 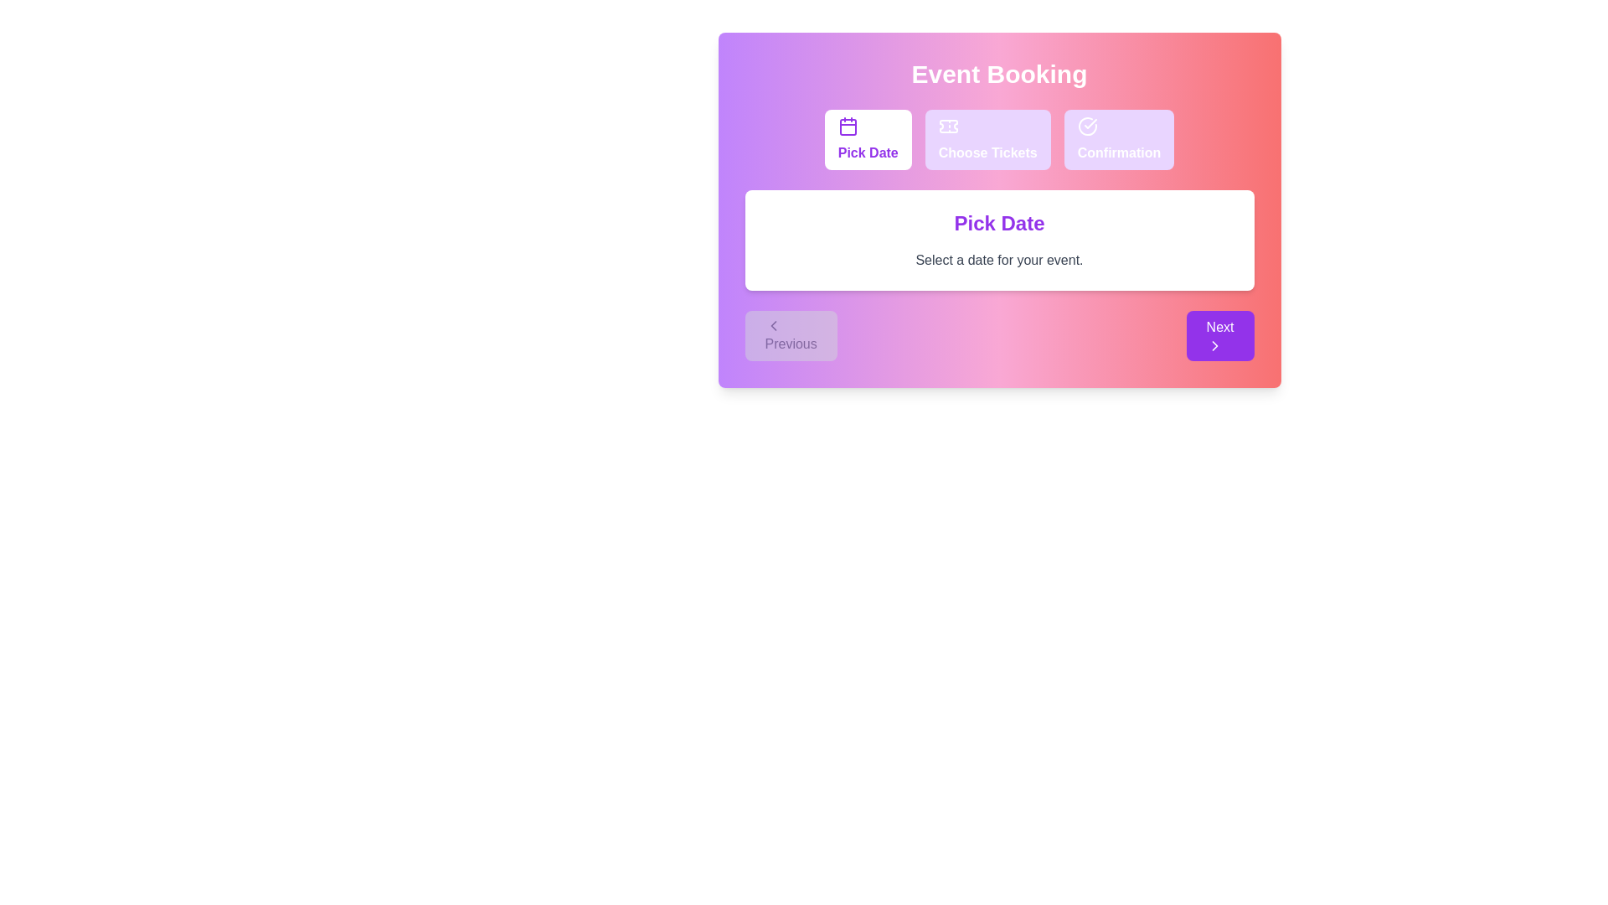 What do you see at coordinates (1214, 344) in the screenshot?
I see `the 'Next' button which contains the right-facing chevron icon` at bounding box center [1214, 344].